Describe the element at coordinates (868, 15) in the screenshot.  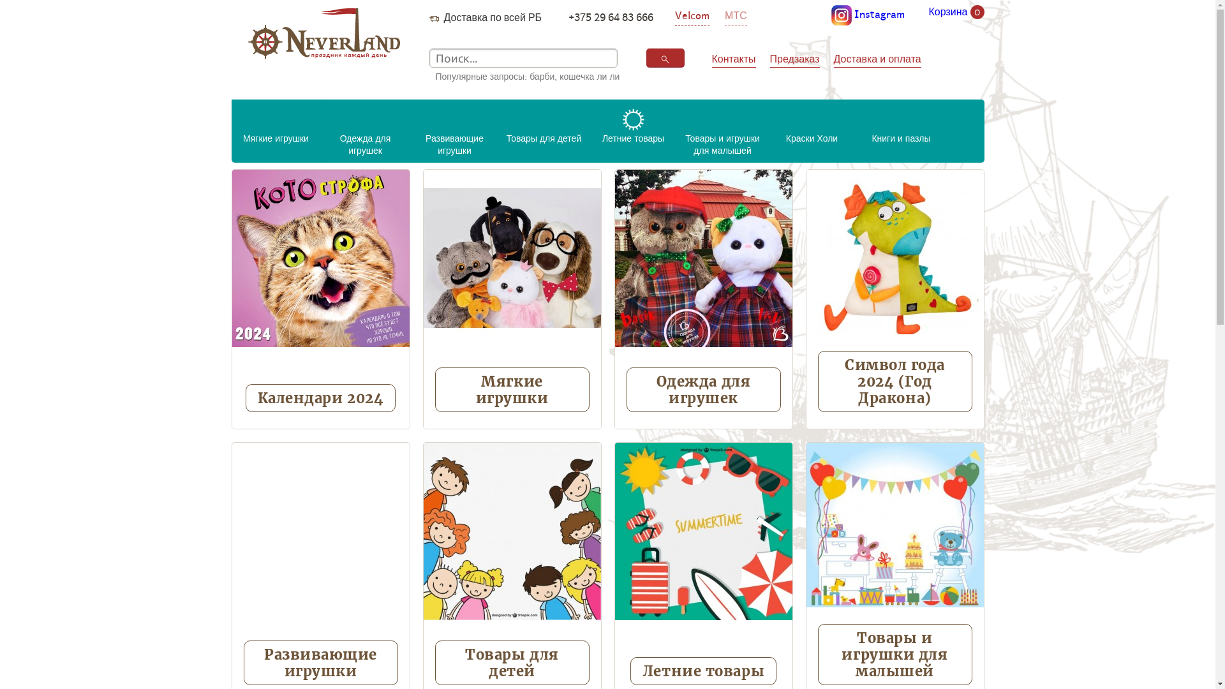
I see `'Instagram'` at that location.